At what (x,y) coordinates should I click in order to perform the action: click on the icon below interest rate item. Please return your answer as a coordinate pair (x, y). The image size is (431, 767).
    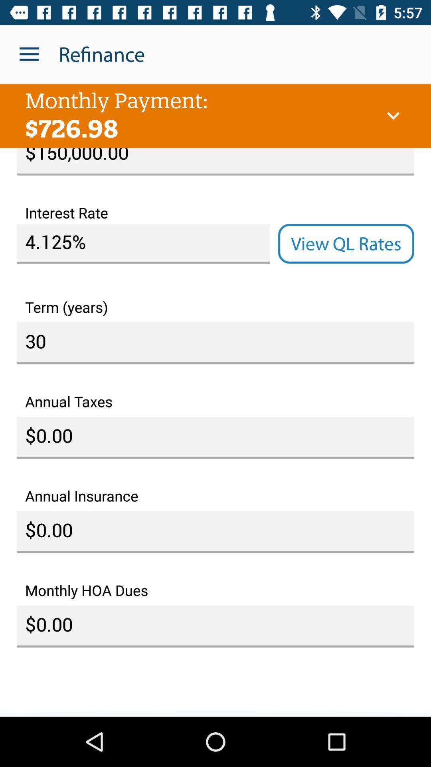
    Looking at the image, I should click on (346, 243).